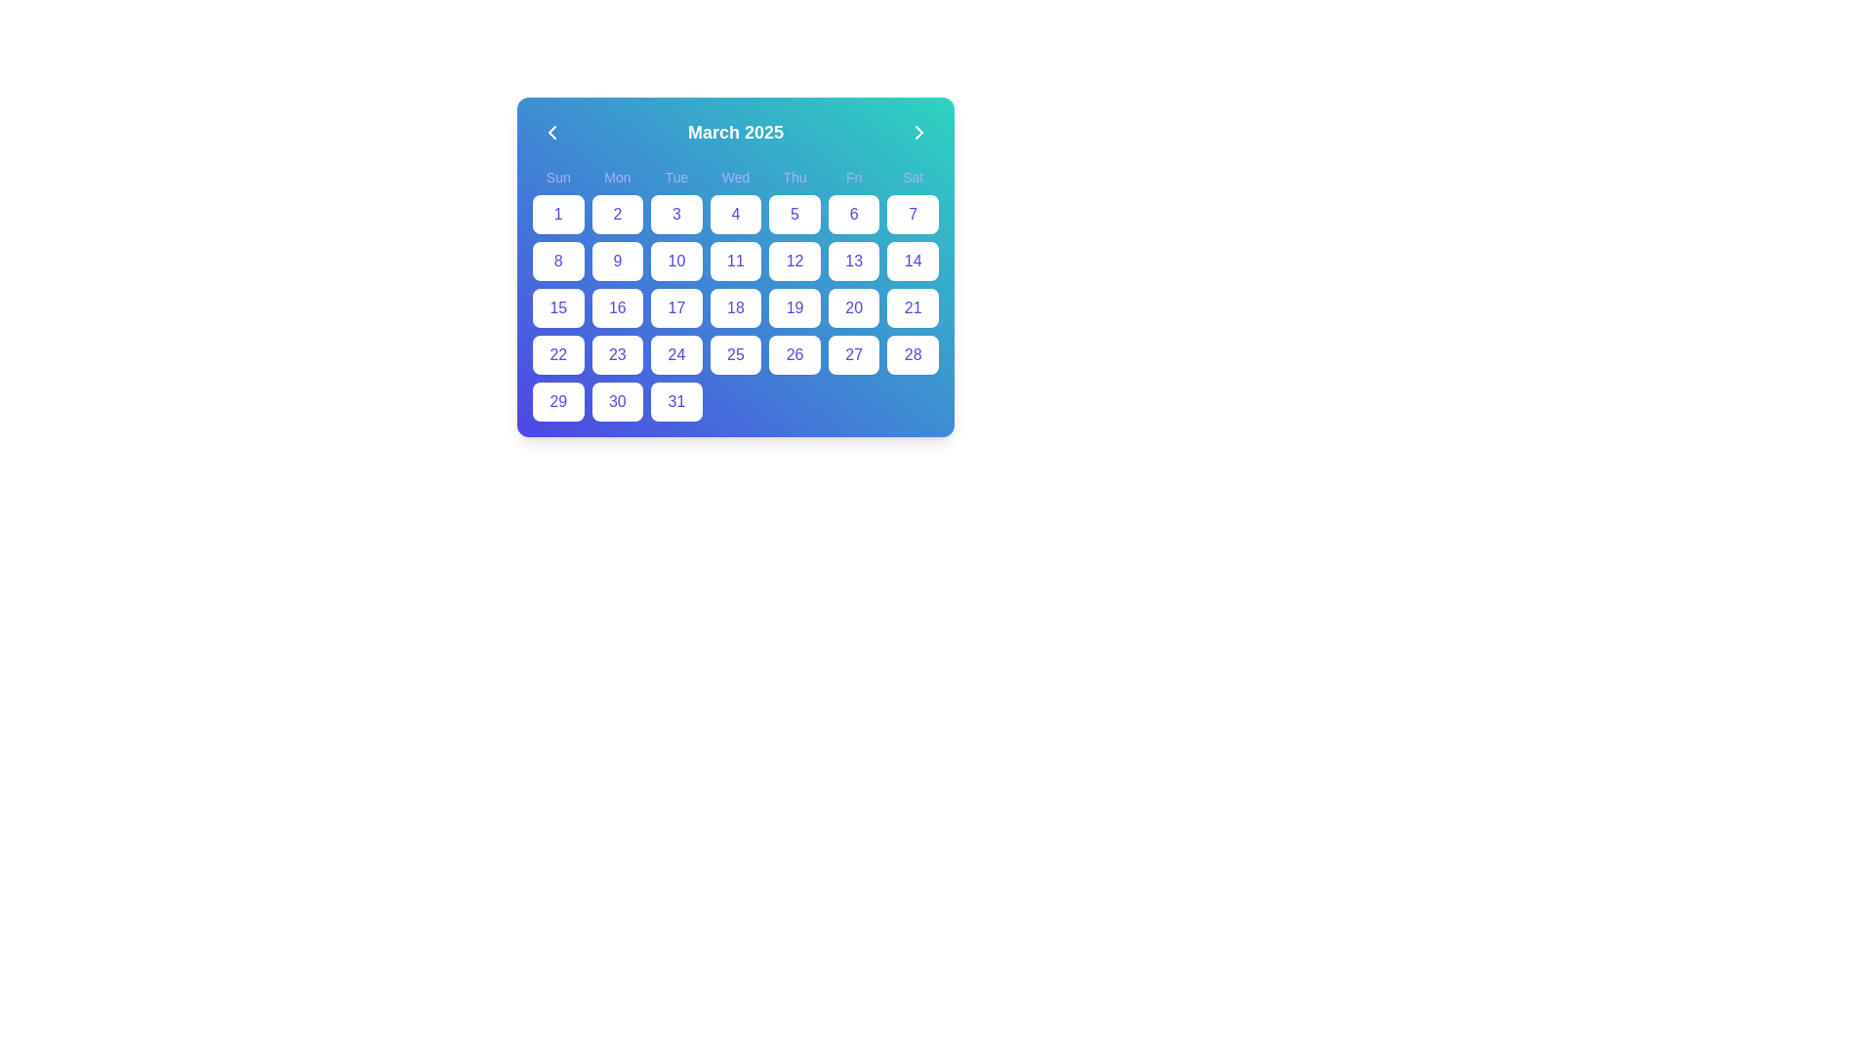 The width and height of the screenshot is (1874, 1054). Describe the element at coordinates (853, 307) in the screenshot. I see `the button representing the 20th day of the month in the calendar` at that location.